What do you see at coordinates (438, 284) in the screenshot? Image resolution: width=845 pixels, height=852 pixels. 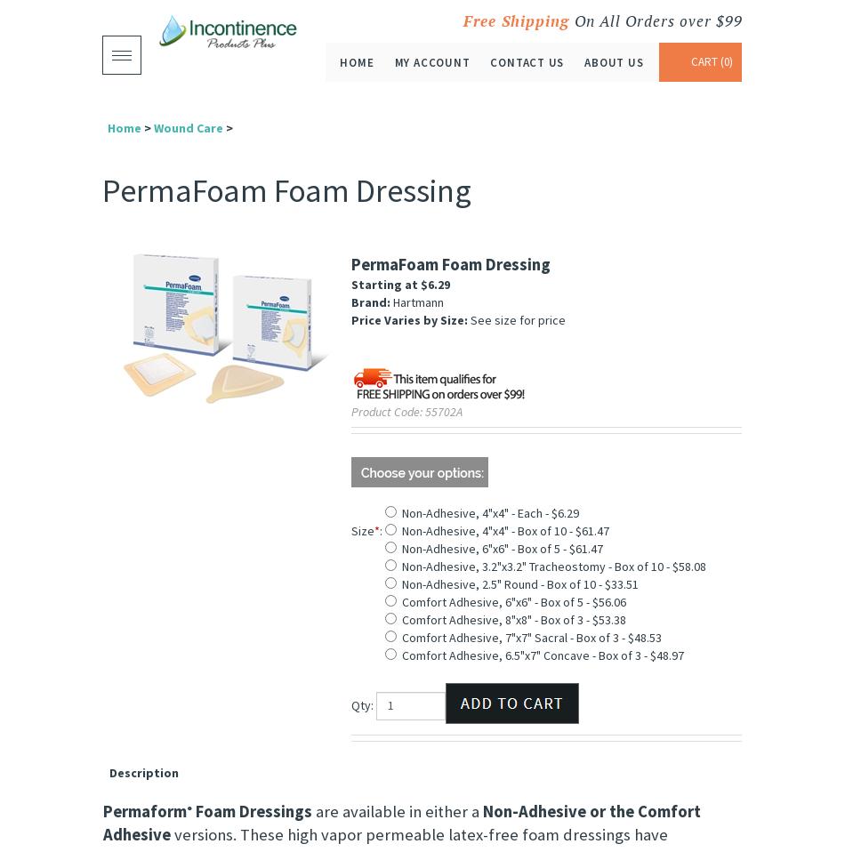 I see `'6.29'` at bounding box center [438, 284].